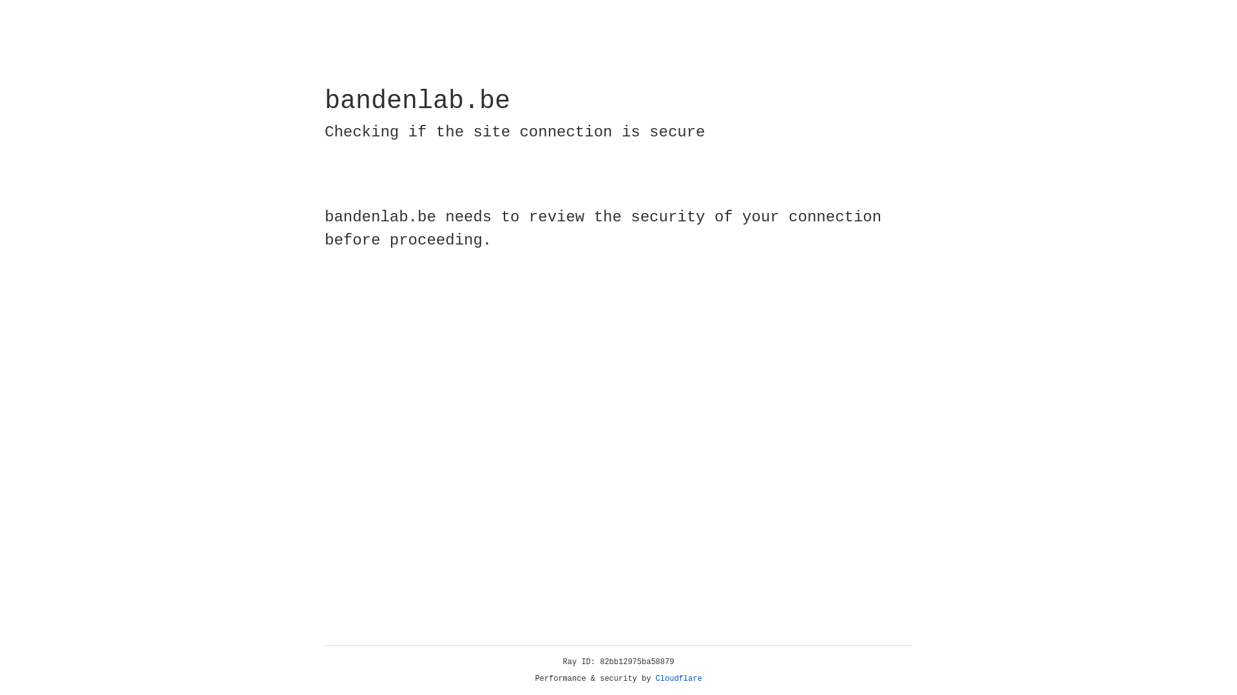 Image resolution: width=1237 pixels, height=695 pixels. What do you see at coordinates (678, 678) in the screenshot?
I see `'Cloudflare'` at bounding box center [678, 678].